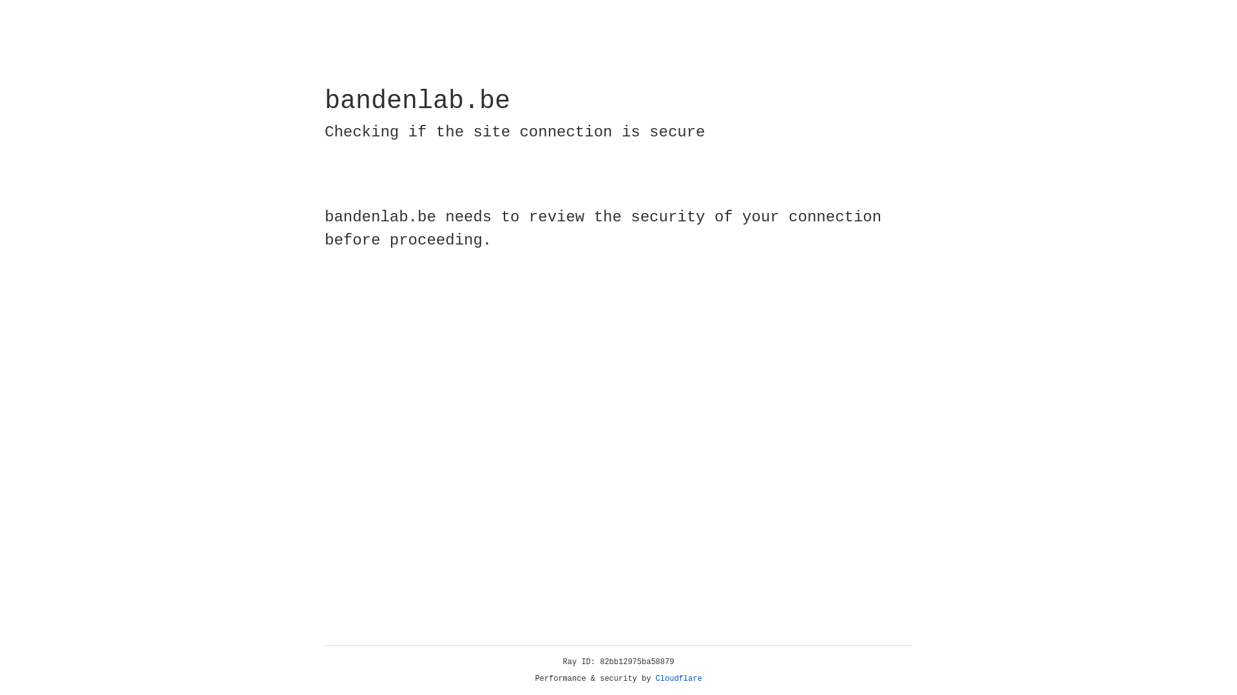 Image resolution: width=1237 pixels, height=695 pixels. What do you see at coordinates (678, 678) in the screenshot?
I see `'Cloudflare'` at bounding box center [678, 678].